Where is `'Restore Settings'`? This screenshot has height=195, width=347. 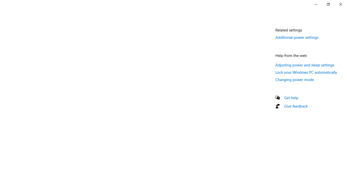 'Restore Settings' is located at coordinates (328, 4).